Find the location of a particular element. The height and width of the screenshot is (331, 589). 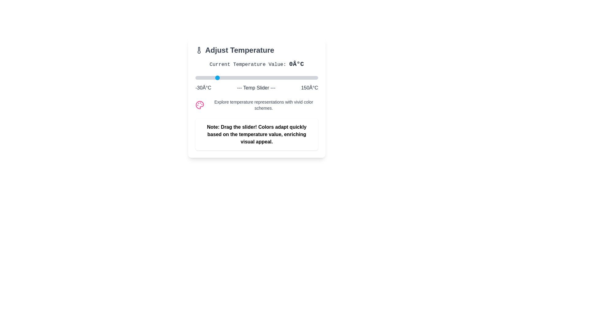

the temperature slider to set the temperature to 70°C is located at coordinates (264, 78).